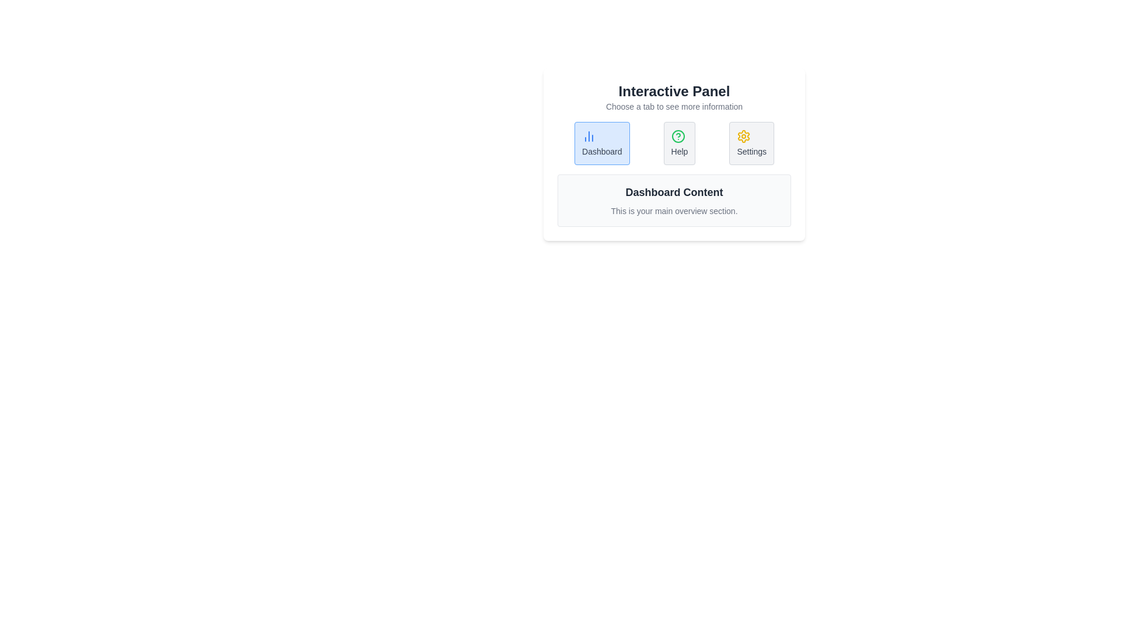 Image resolution: width=1121 pixels, height=630 pixels. Describe the element at coordinates (743, 136) in the screenshot. I see `the yellow-colored gear icon representing settings, which is located within the 'Settings' card above the 'Settings' label text` at that location.